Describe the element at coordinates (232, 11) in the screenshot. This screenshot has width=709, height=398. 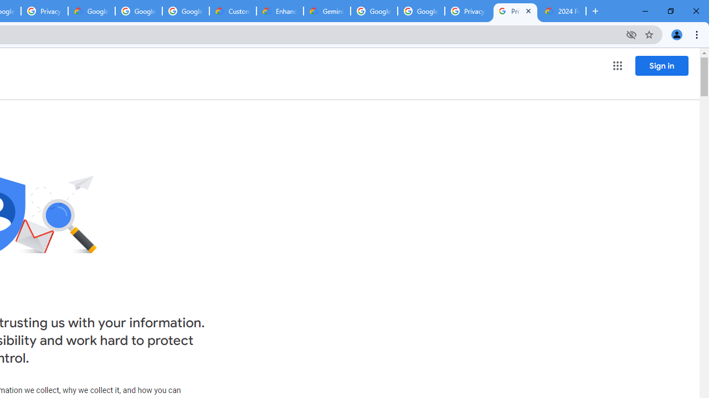
I see `'Customer Care | Google Cloud'` at that location.